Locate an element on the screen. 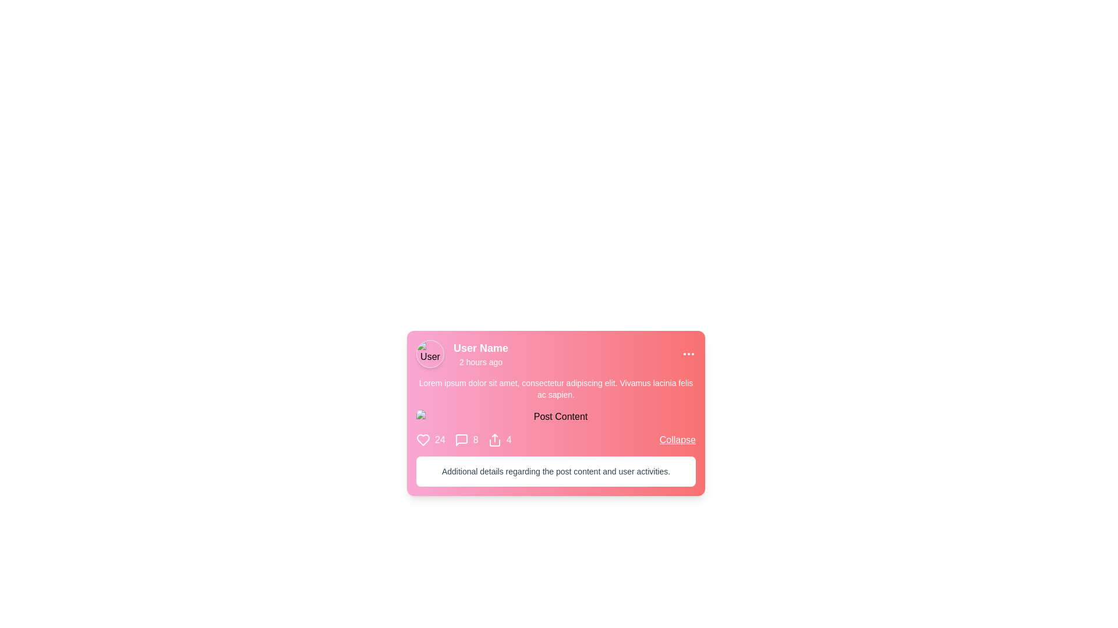  the numeric label displaying '8' next to the speech bubble icon is located at coordinates (463, 440).